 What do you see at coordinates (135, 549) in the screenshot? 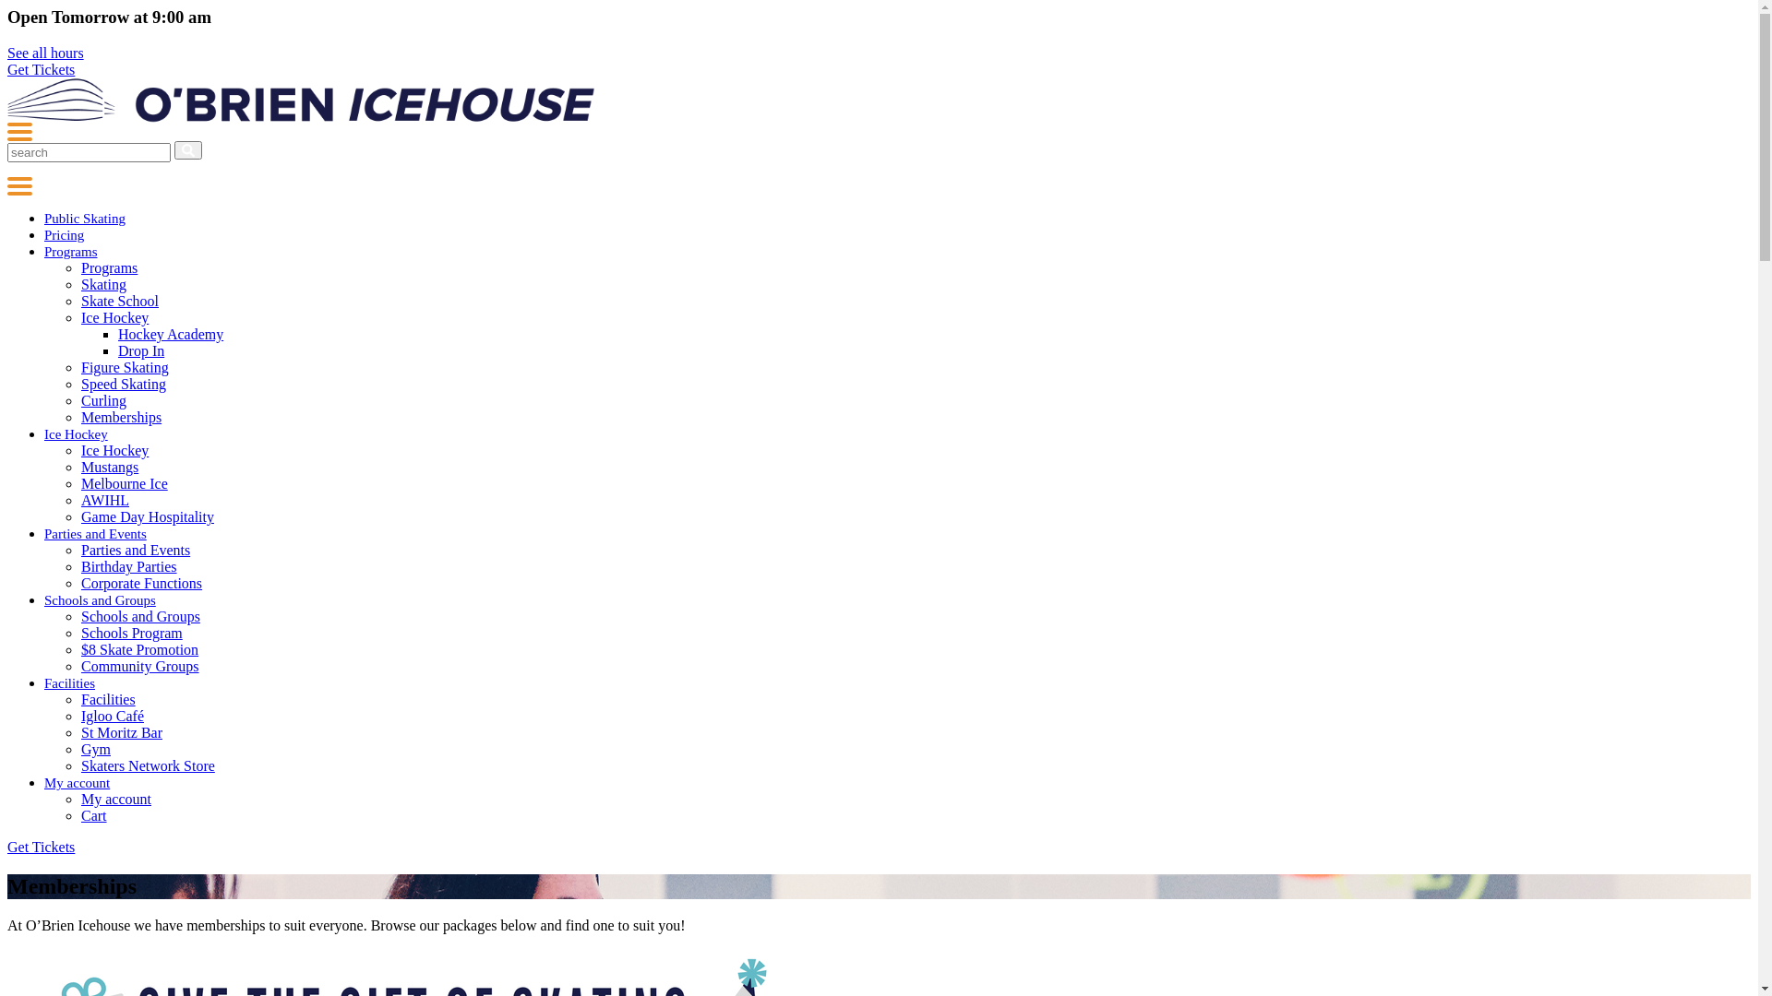
I see `'Parties and Events'` at bounding box center [135, 549].